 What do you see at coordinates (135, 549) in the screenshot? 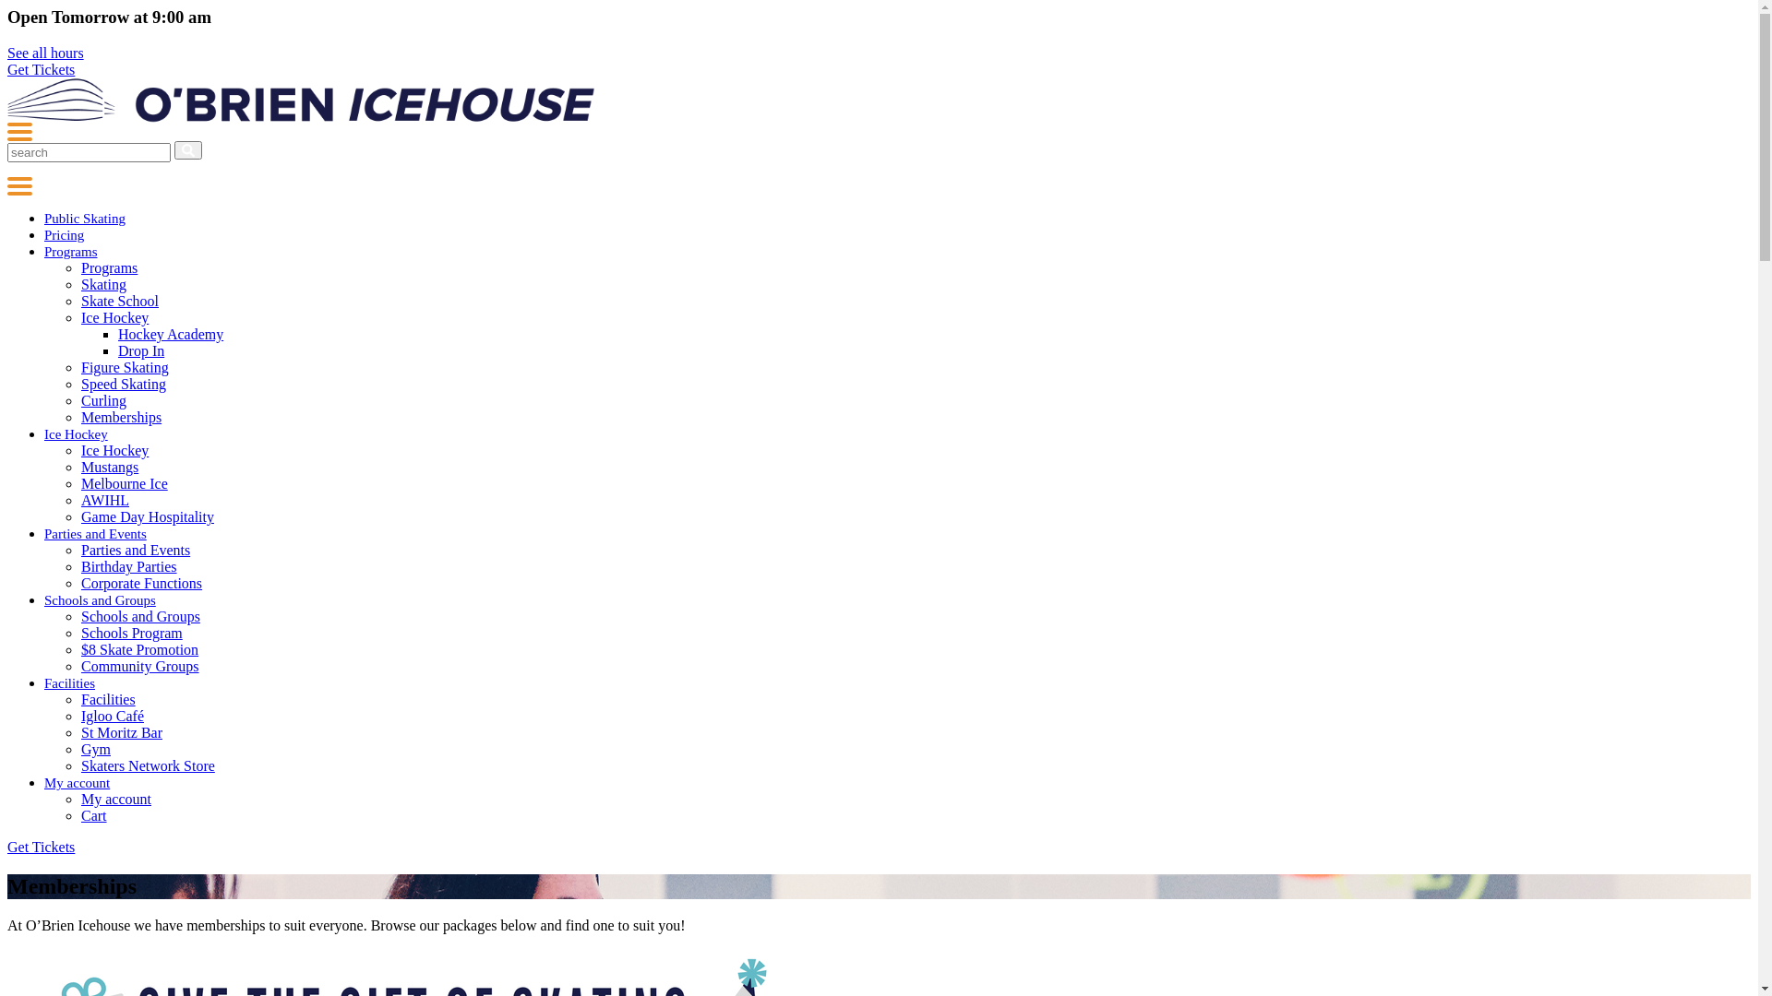
I see `'Parties and Events'` at bounding box center [135, 549].